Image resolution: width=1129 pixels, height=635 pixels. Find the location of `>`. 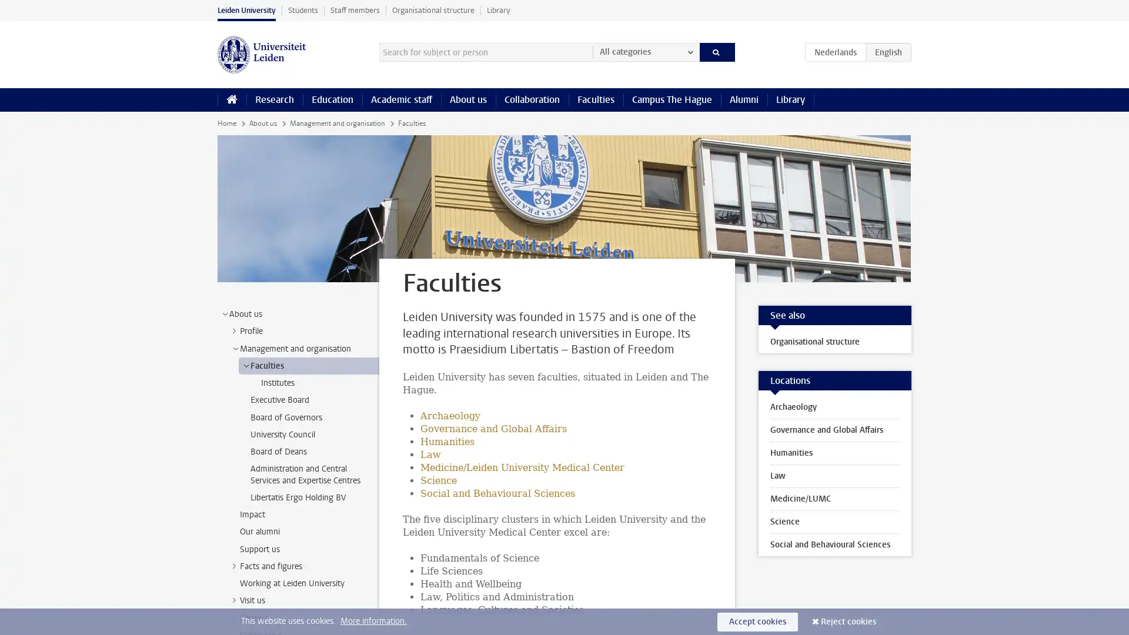

> is located at coordinates (225, 313).